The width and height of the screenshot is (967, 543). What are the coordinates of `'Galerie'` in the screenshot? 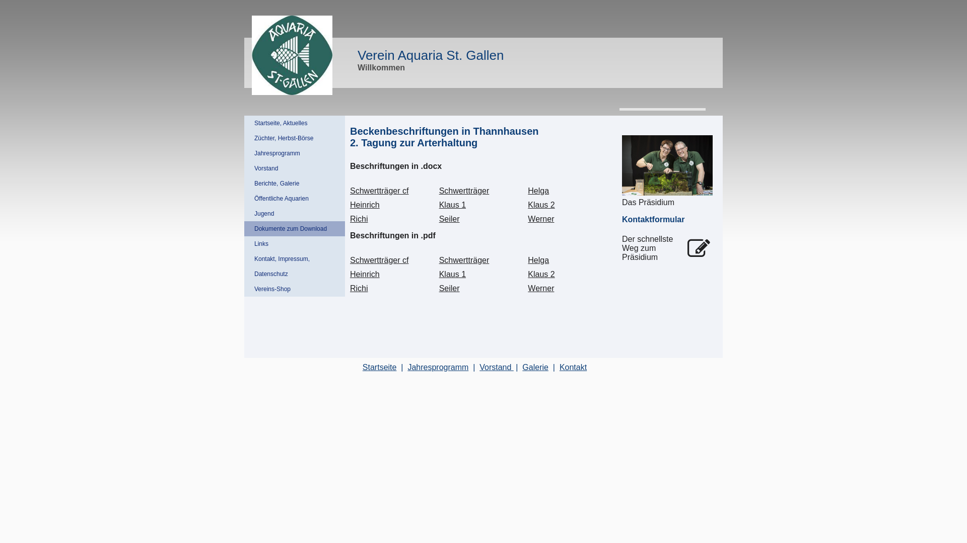 It's located at (534, 367).